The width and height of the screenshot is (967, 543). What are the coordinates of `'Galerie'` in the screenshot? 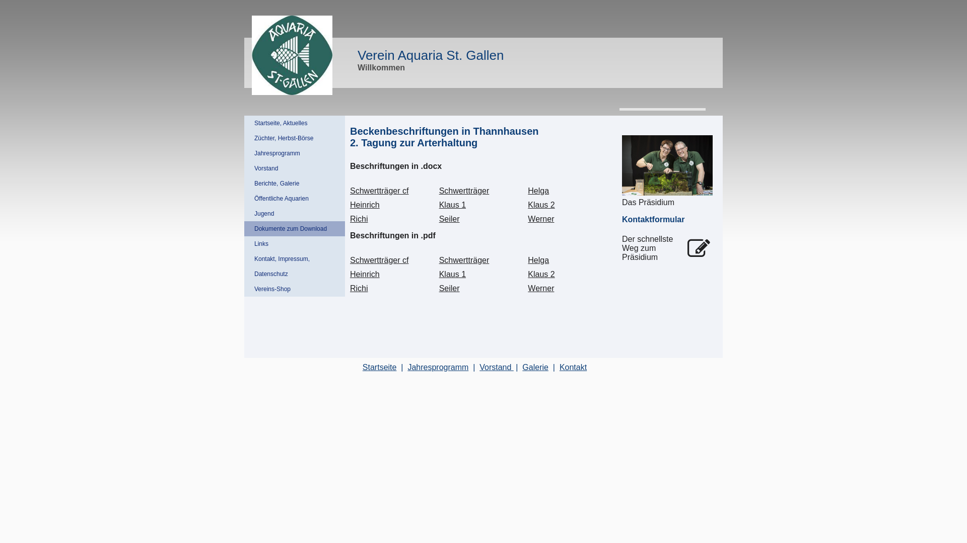 It's located at (534, 367).